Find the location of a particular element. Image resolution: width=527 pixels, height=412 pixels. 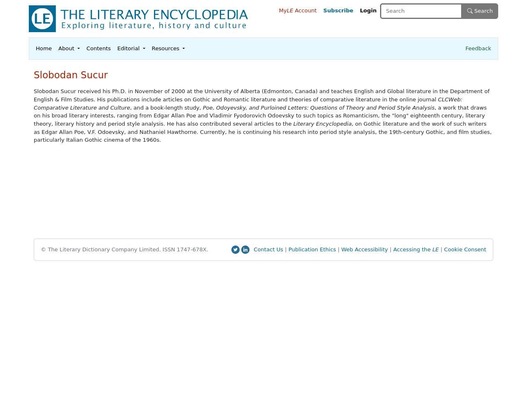

'Slobodan Sucur received his Ph.D. in November of 2000 at the
University of Alberta (Edmonton, Canada) and teaches English and
Global literature in the Department of English & Film Studies.
His publications include articles on Gothic and Romantic literature
and theories of comparative literature in the online journal' is located at coordinates (261, 95).